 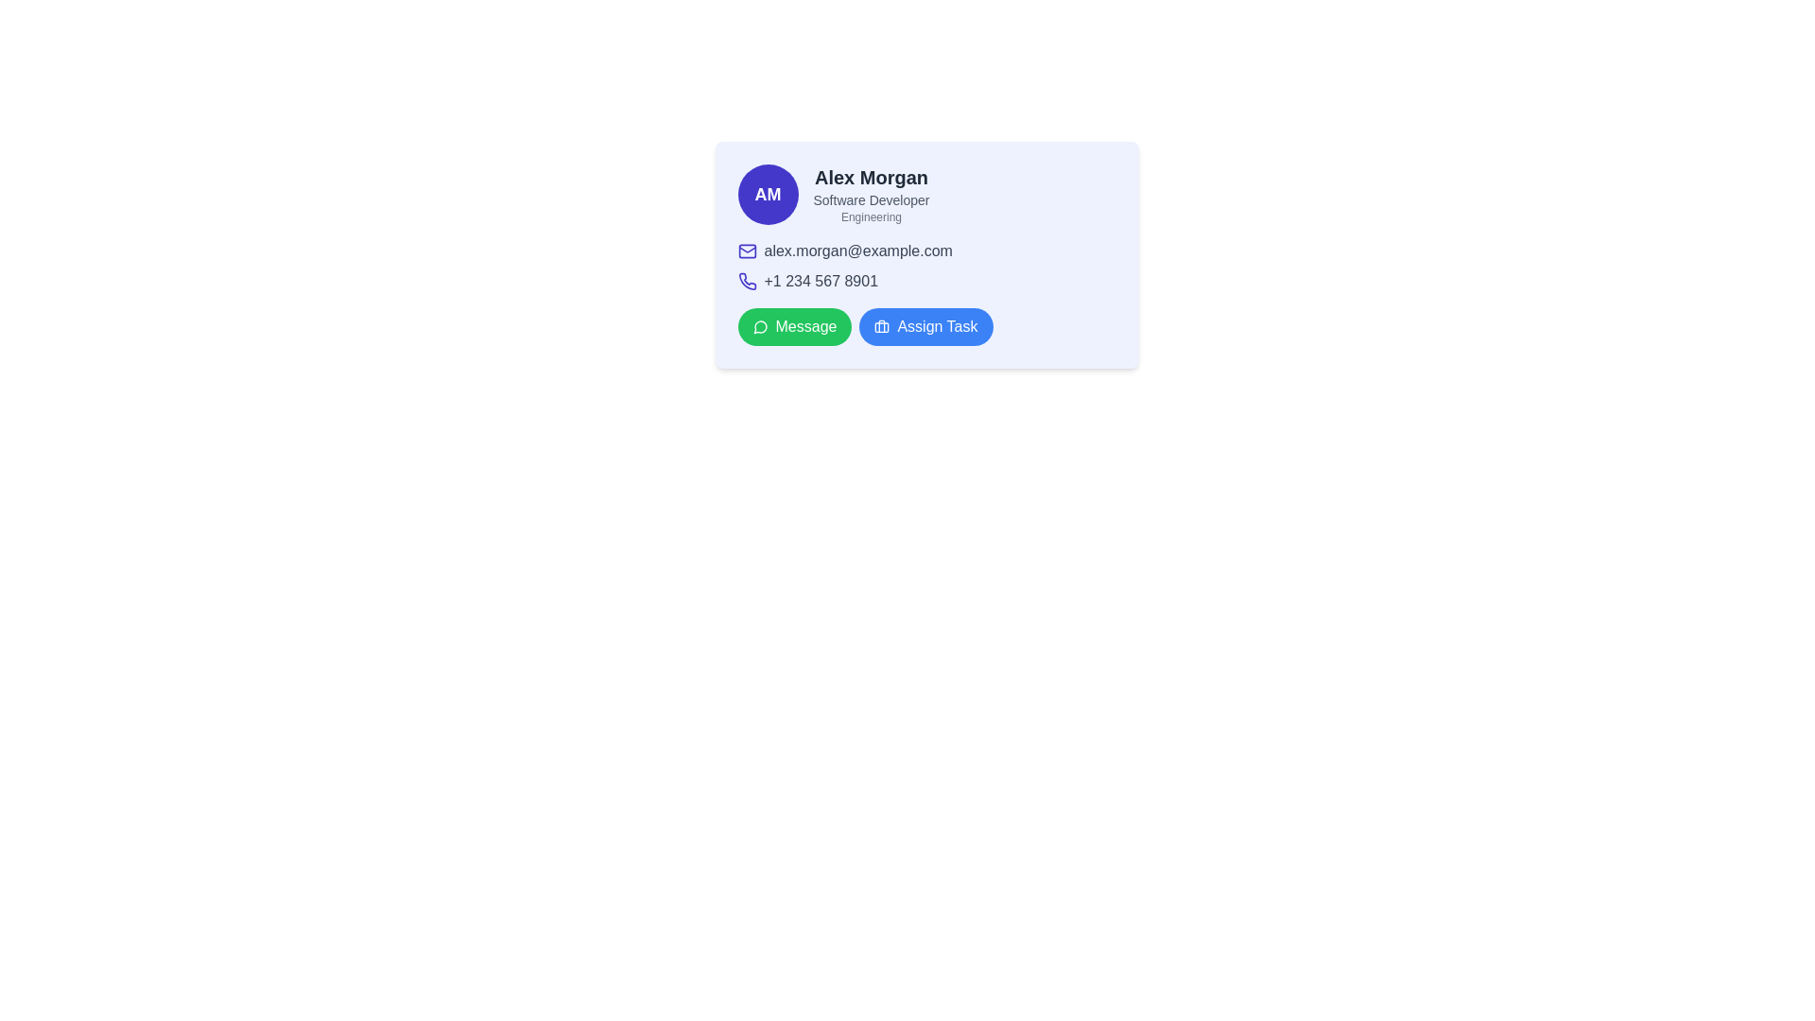 What do you see at coordinates (746, 281) in the screenshot?
I see `the decorative phone icon located to the left of the text '+1 234 567 8901' in the structured card layout` at bounding box center [746, 281].